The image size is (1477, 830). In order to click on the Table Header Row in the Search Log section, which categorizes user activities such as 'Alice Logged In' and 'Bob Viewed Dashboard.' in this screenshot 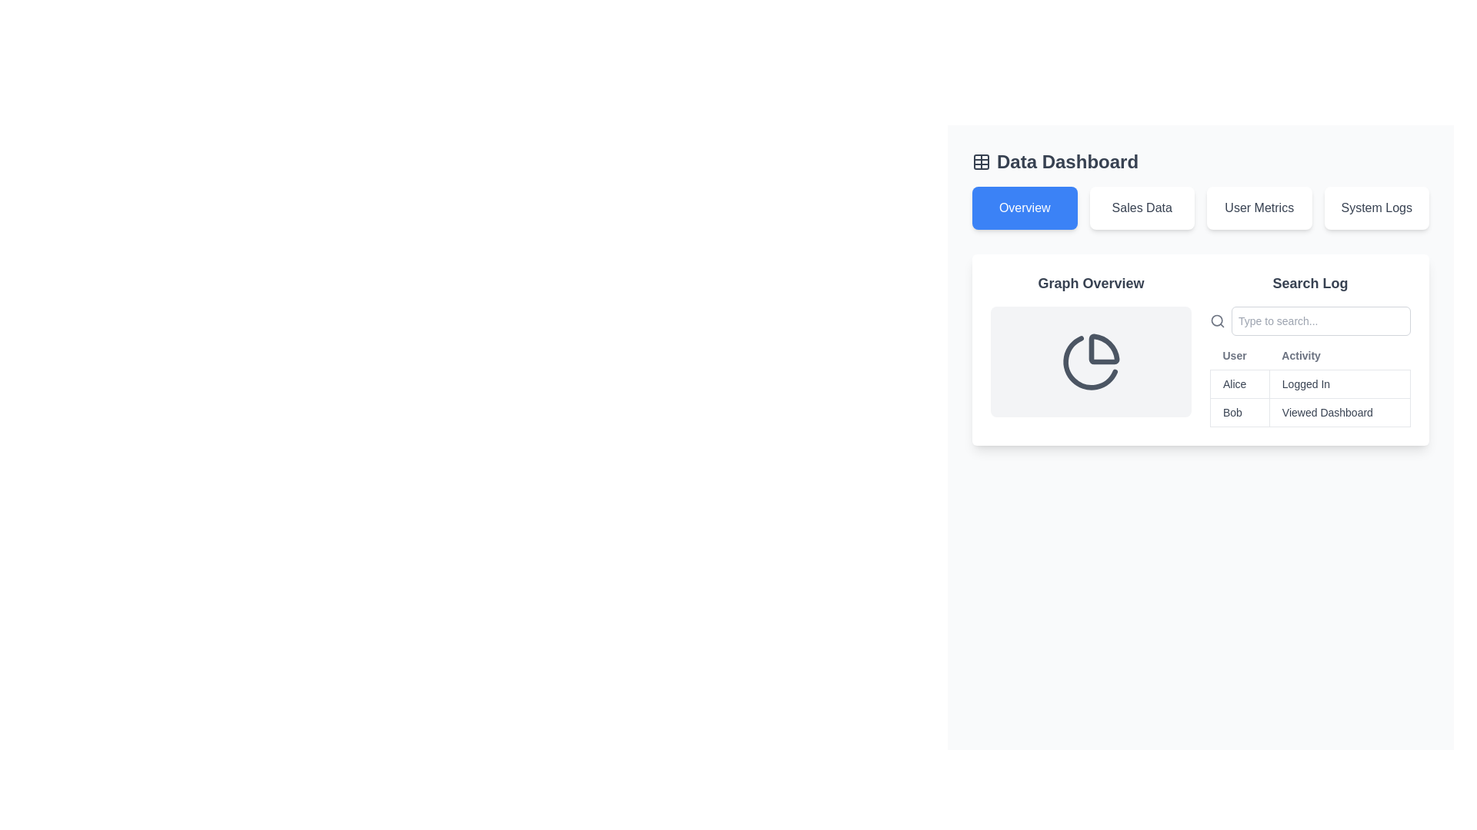, I will do `click(1309, 356)`.